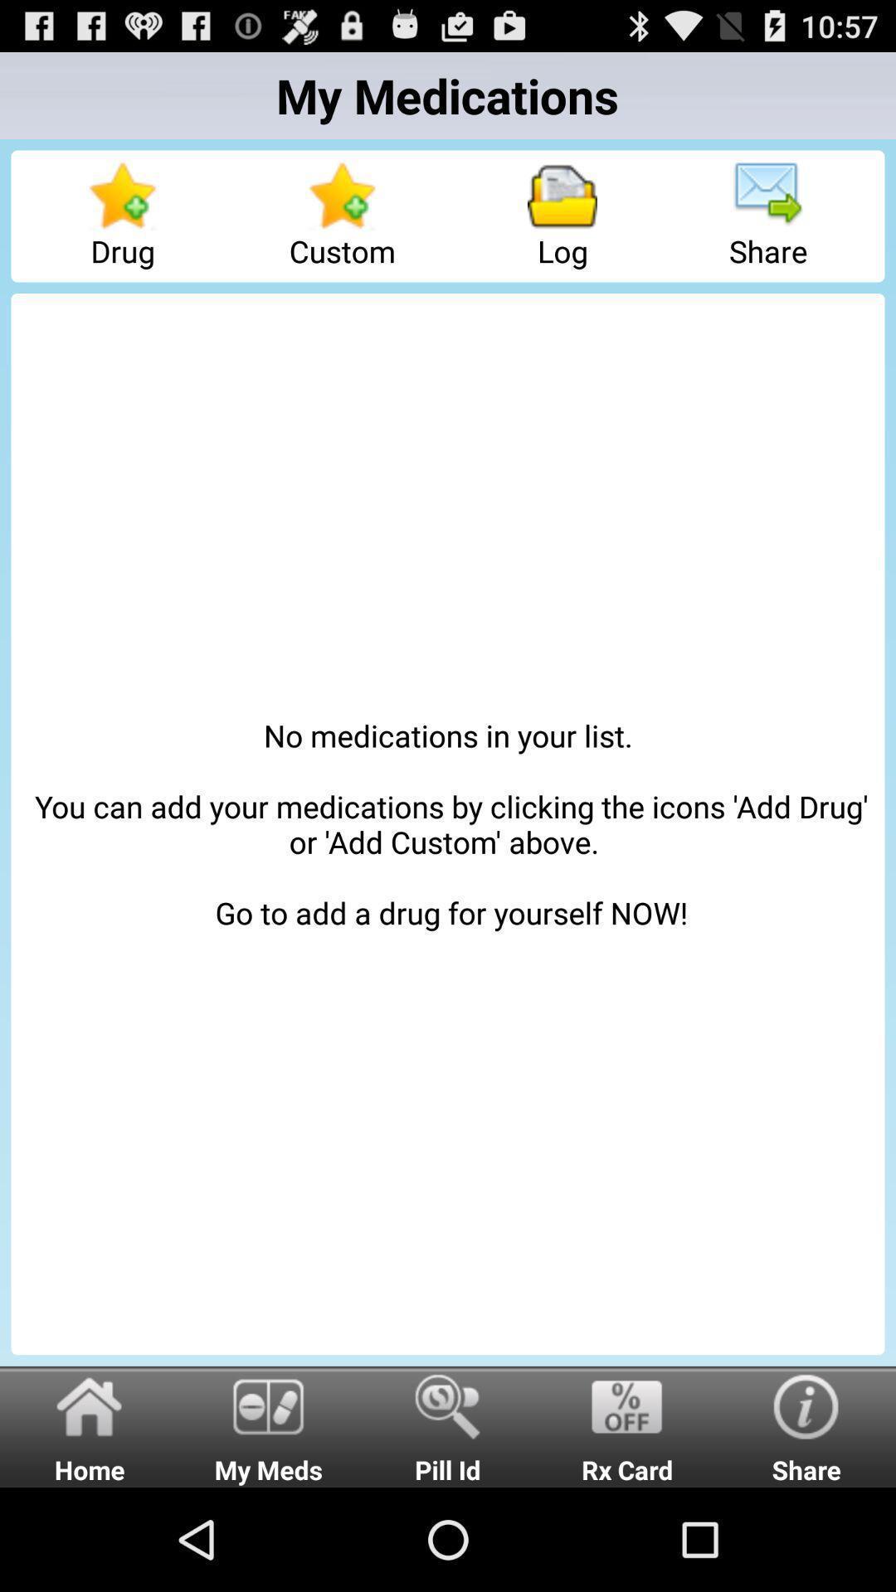 Image resolution: width=896 pixels, height=1592 pixels. What do you see at coordinates (448, 1425) in the screenshot?
I see `radio button next to the my meds` at bounding box center [448, 1425].